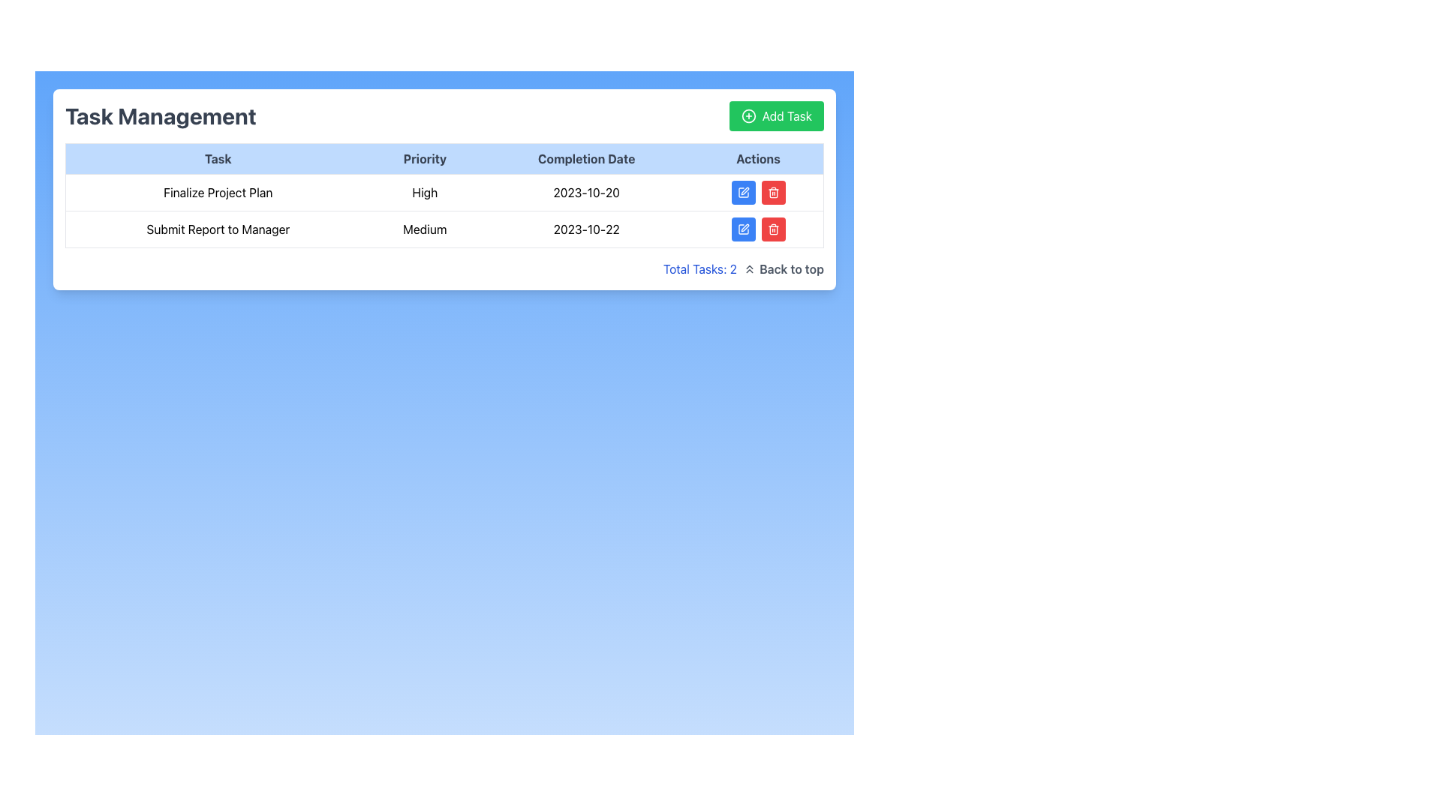 The width and height of the screenshot is (1441, 810). Describe the element at coordinates (444, 229) in the screenshot. I see `the second table row that contains the text 'Submit Report to Manager', located in the 'Task Management' section` at that location.